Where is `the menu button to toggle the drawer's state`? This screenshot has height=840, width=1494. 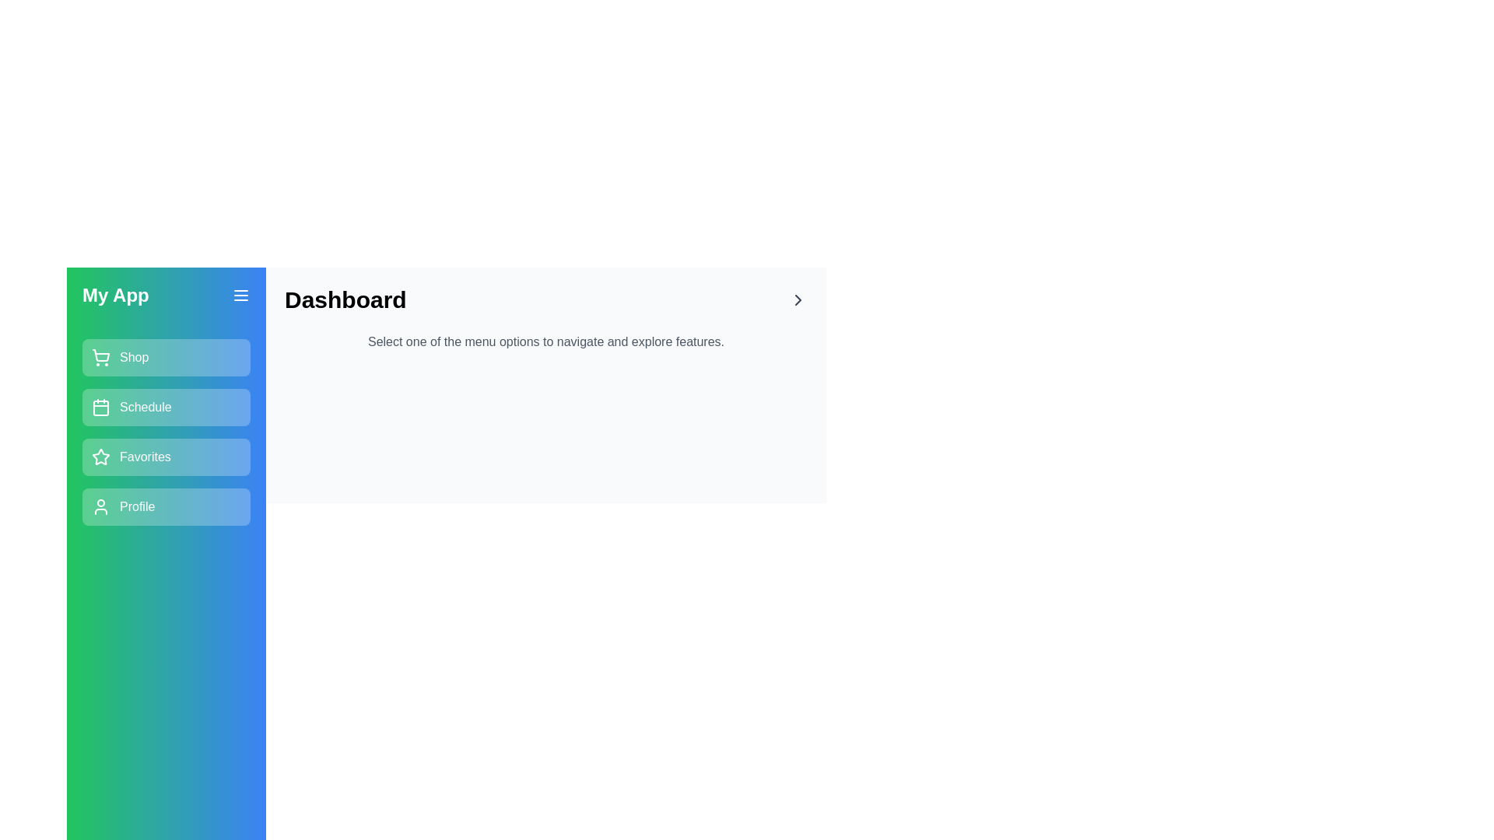
the menu button to toggle the drawer's state is located at coordinates (240, 296).